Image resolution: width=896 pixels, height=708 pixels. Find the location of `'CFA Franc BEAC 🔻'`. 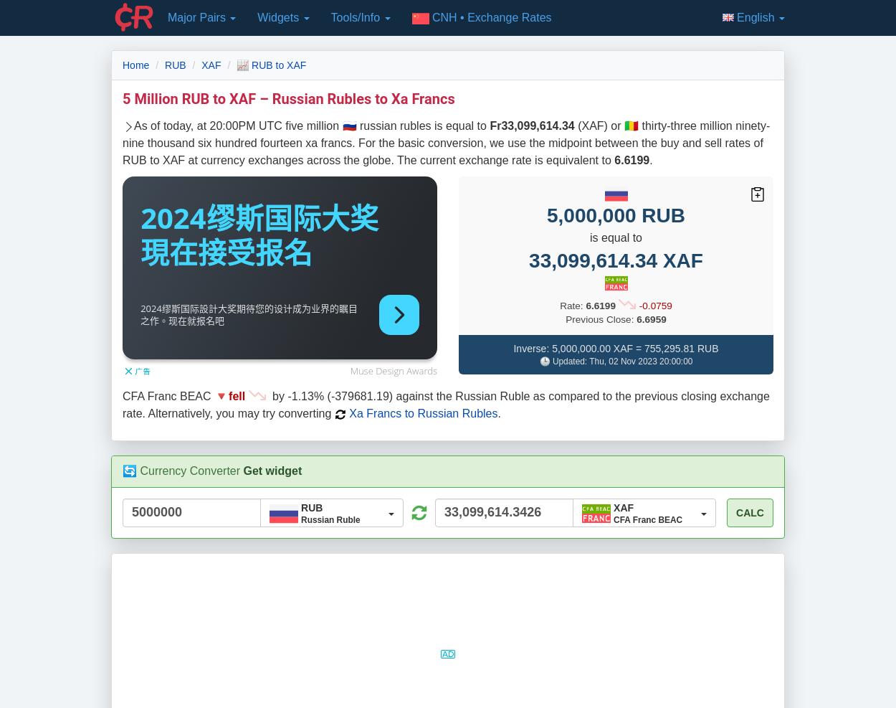

'CFA Franc BEAC 🔻' is located at coordinates (123, 396).